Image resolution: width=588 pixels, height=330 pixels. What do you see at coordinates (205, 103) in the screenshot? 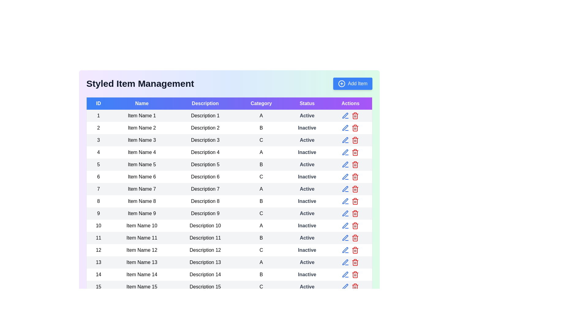
I see `the column header Description to sort the table by that column` at bounding box center [205, 103].